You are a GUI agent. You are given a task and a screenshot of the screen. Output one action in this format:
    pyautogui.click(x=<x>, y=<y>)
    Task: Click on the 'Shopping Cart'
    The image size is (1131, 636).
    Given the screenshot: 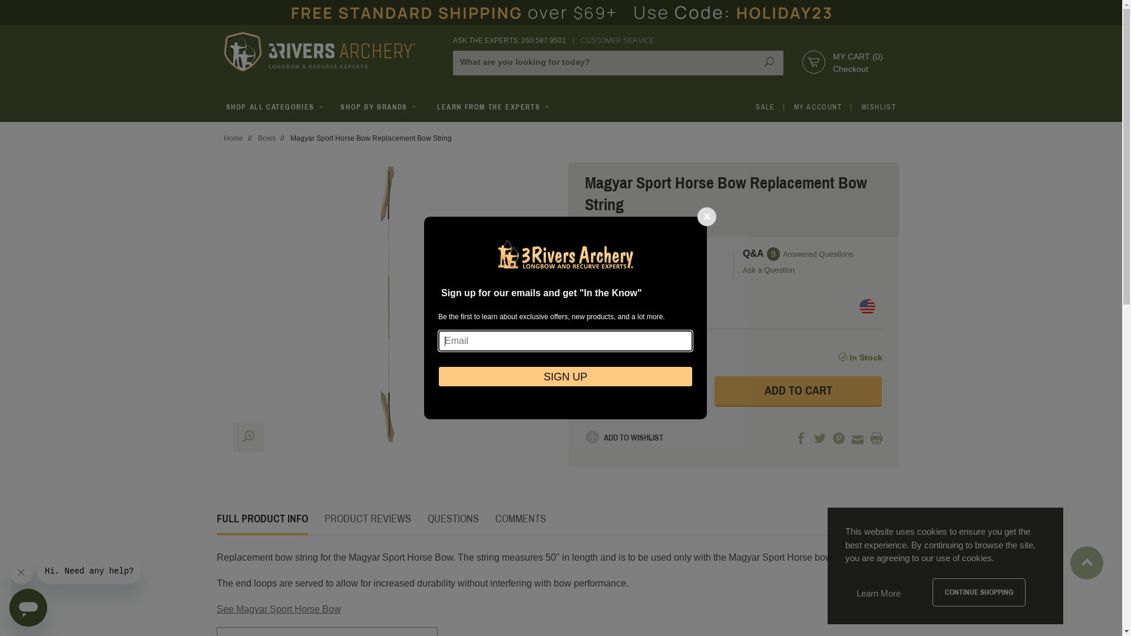 What is the action you would take?
    pyautogui.click(x=806, y=62)
    